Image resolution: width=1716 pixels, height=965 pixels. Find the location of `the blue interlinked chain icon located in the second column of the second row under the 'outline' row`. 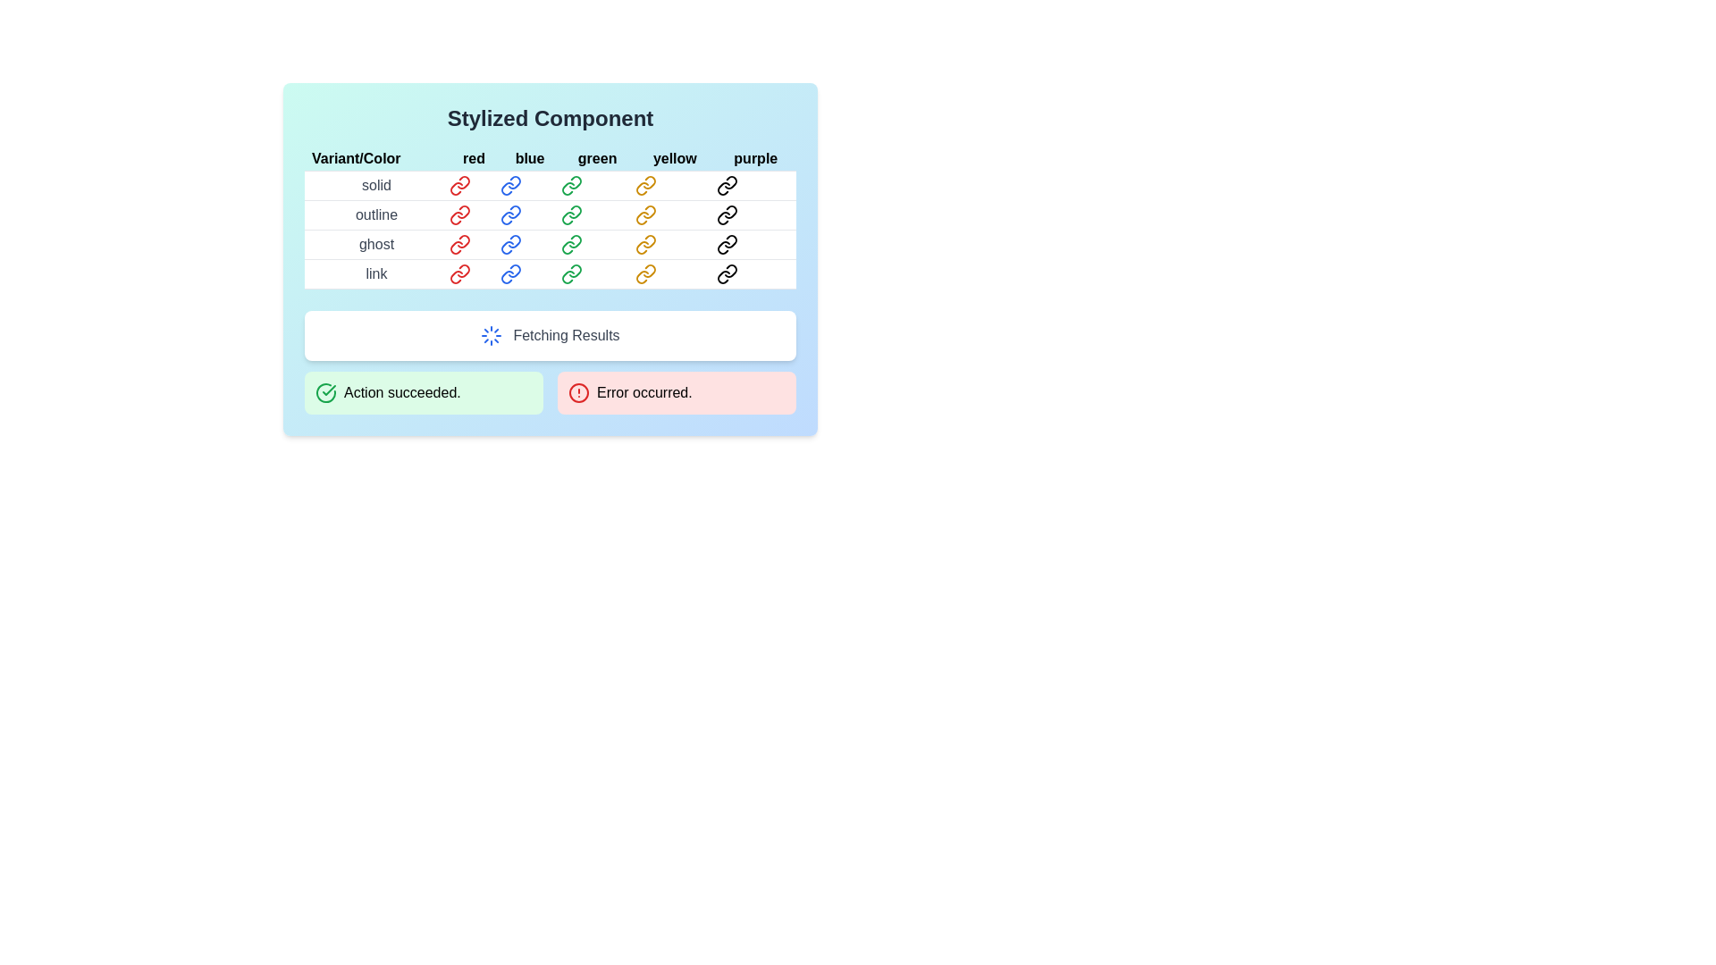

the blue interlinked chain icon located in the second column of the second row under the 'outline' row is located at coordinates (509, 214).